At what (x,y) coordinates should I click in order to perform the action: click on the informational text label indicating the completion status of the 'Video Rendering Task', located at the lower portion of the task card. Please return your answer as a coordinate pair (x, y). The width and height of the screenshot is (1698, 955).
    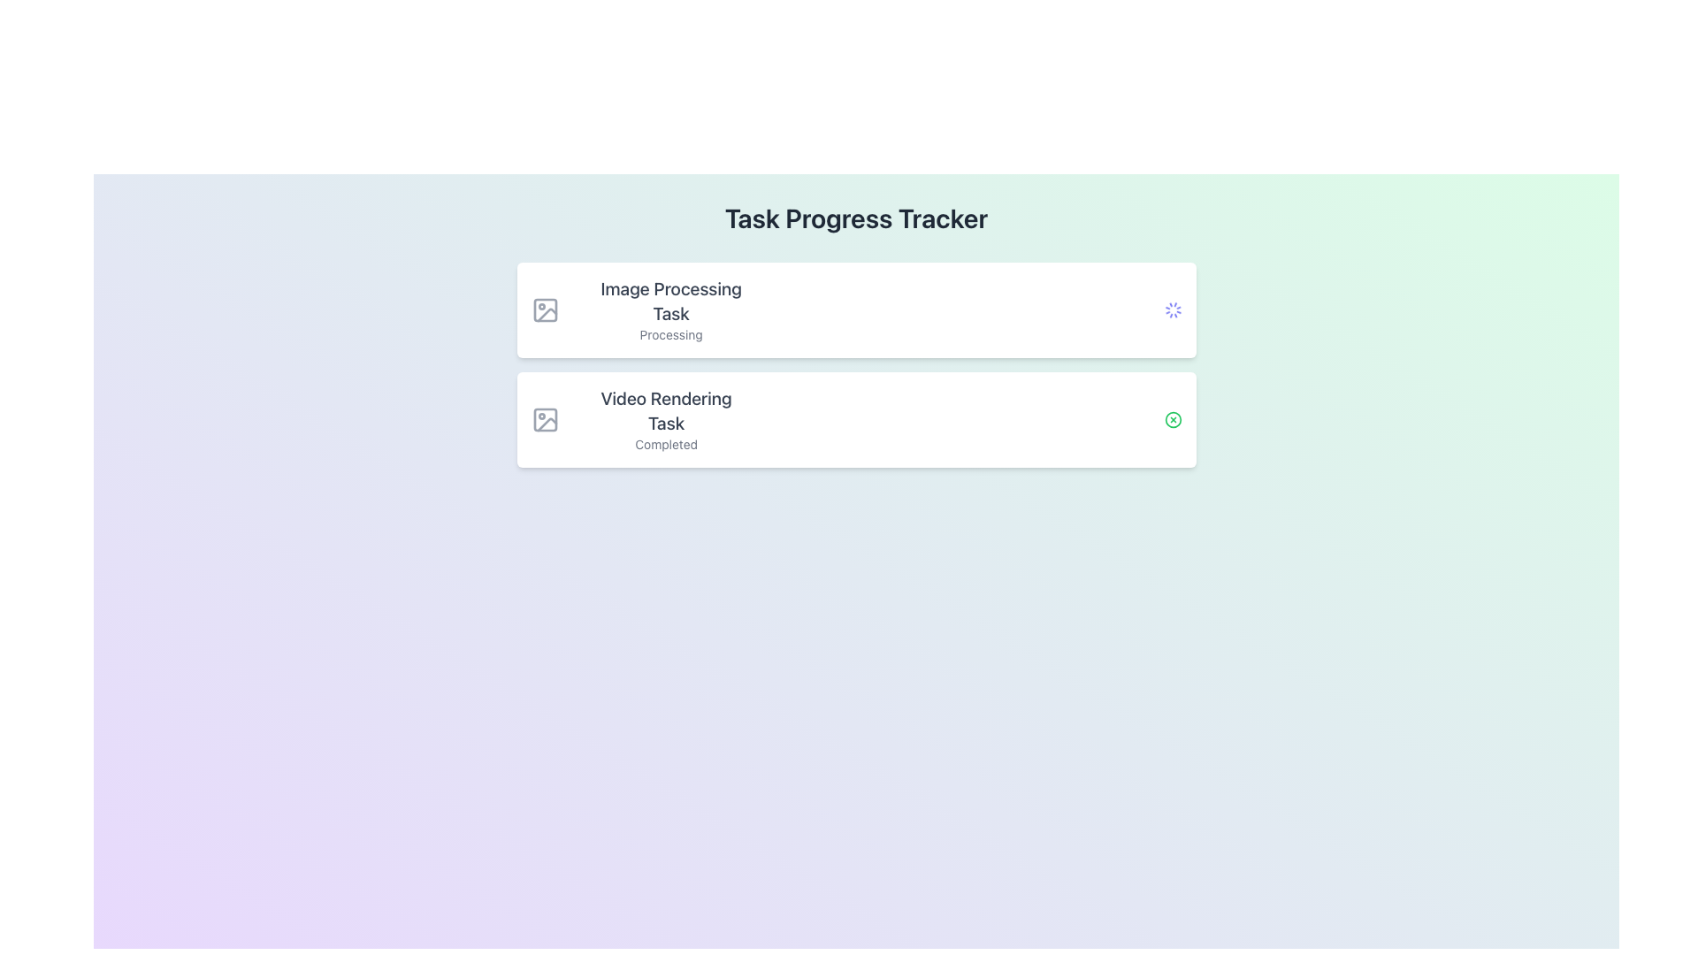
    Looking at the image, I should click on (665, 443).